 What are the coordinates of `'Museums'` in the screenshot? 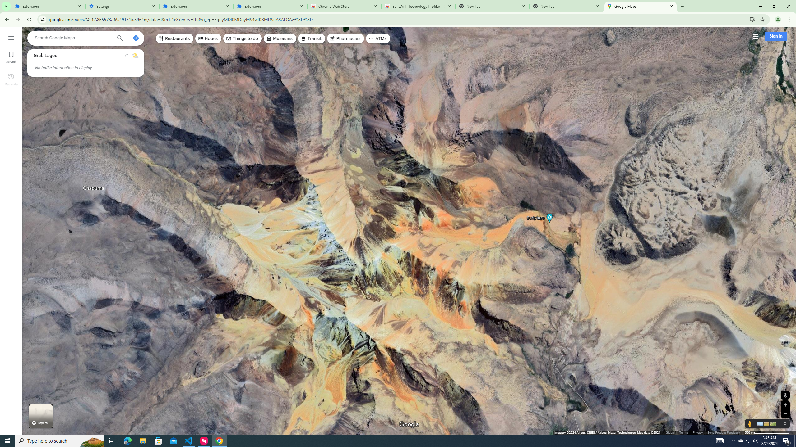 It's located at (279, 38).